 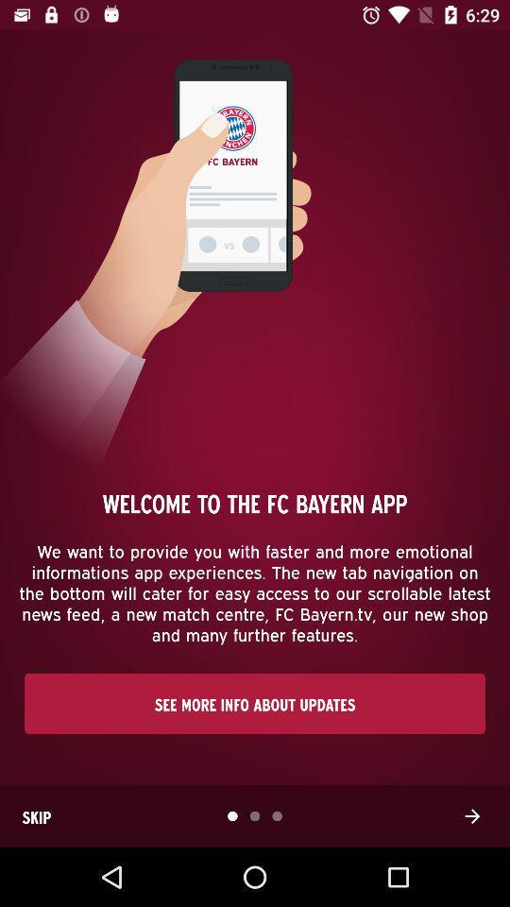 I want to click on the see more info item, so click(x=255, y=702).